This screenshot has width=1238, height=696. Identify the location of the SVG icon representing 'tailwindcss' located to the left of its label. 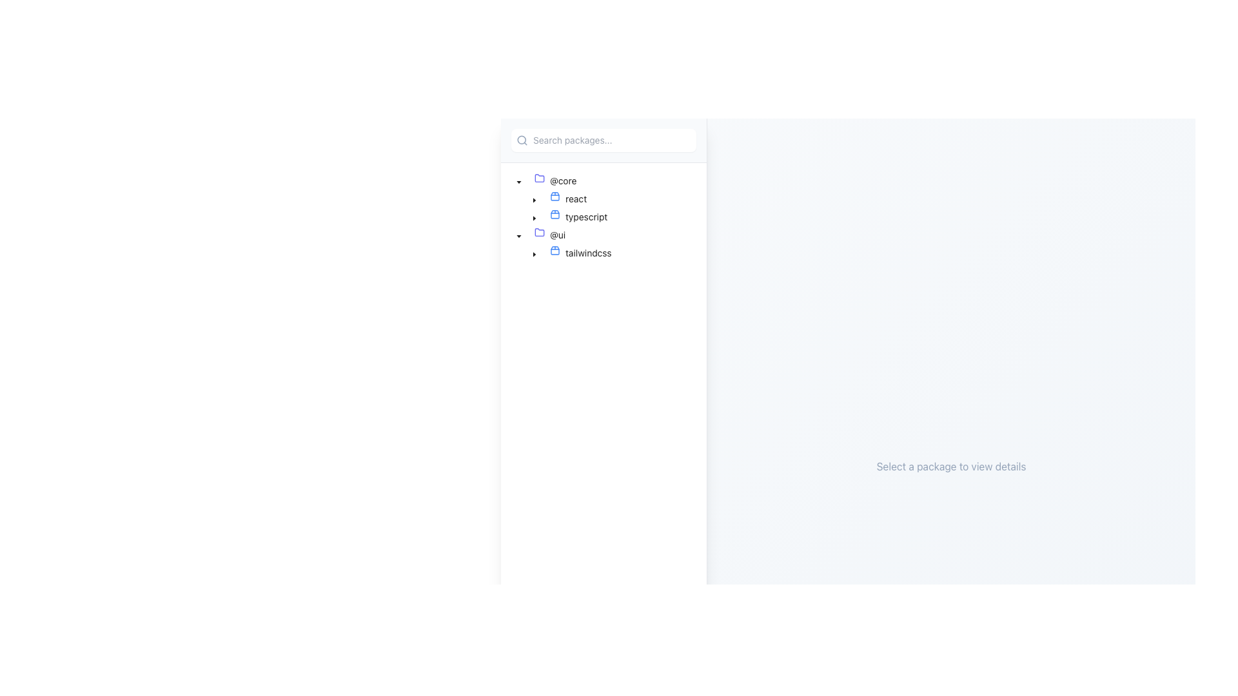
(555, 251).